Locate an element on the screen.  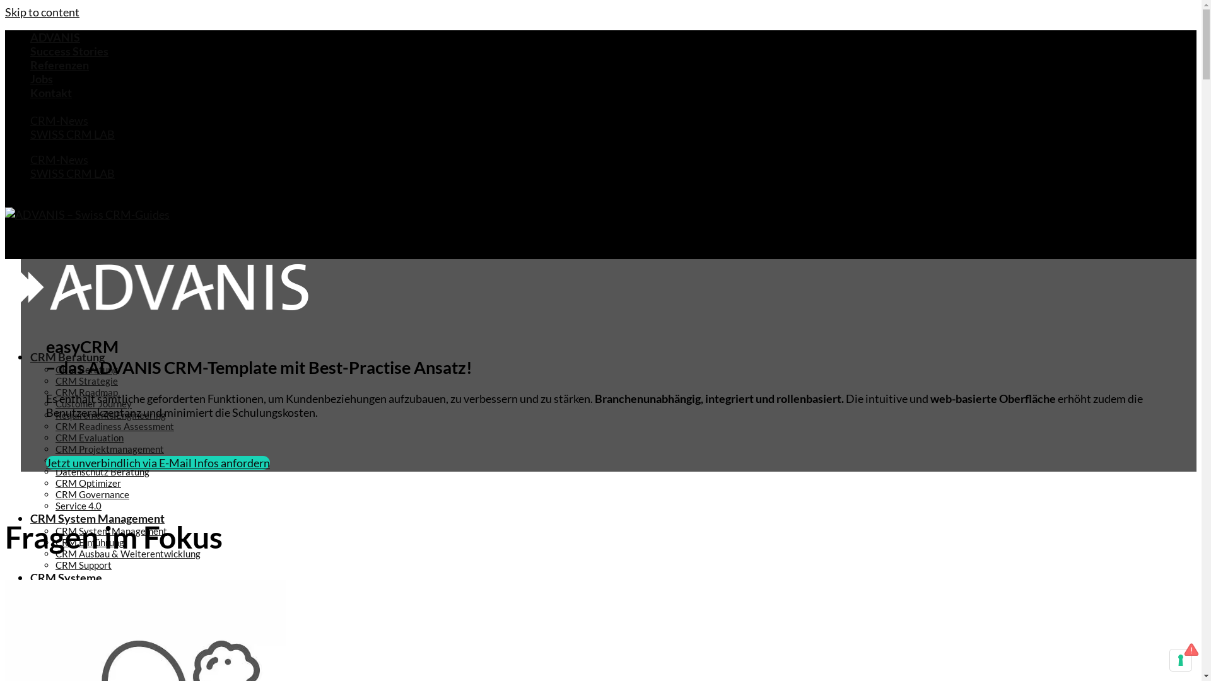
'Requirements Engineering' is located at coordinates (110, 415).